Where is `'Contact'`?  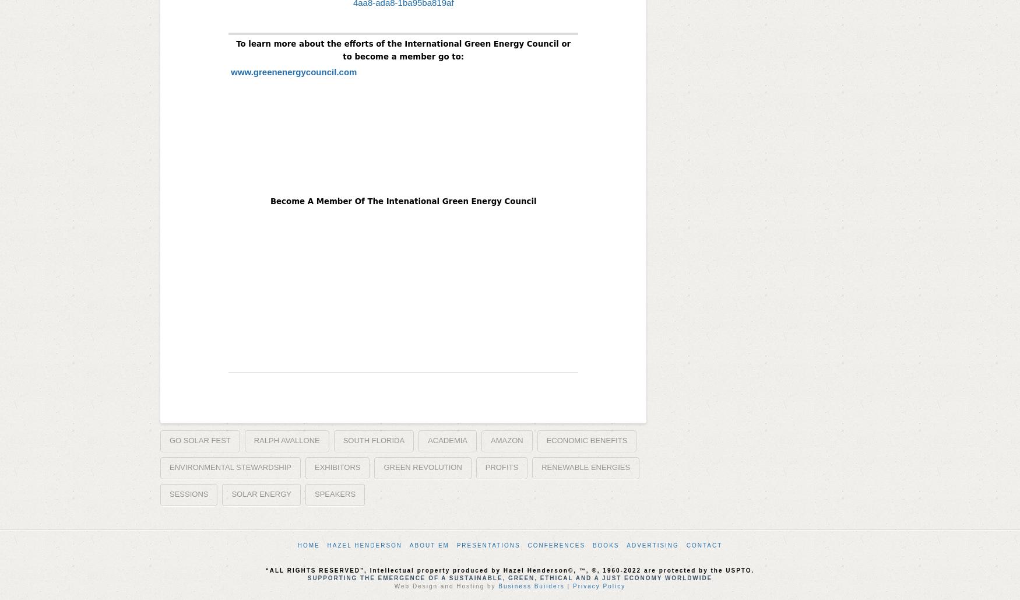 'Contact' is located at coordinates (704, 545).